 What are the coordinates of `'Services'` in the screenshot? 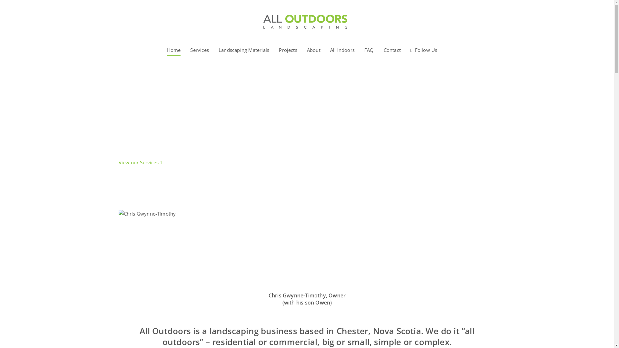 It's located at (199, 49).